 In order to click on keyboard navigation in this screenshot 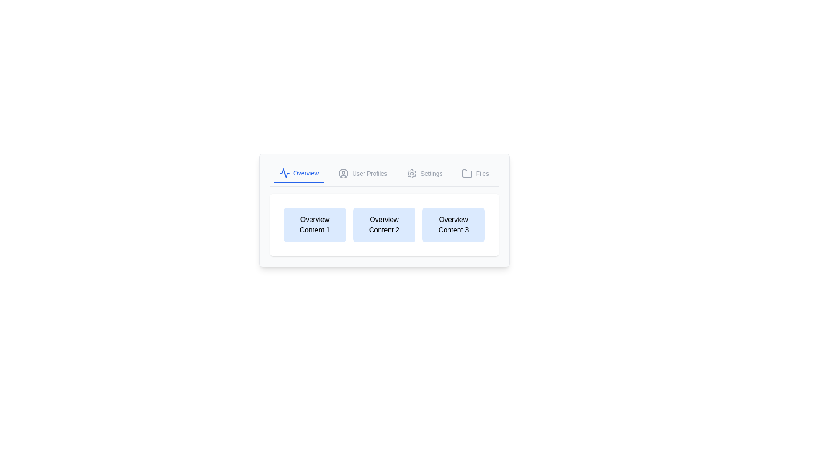, I will do `click(370, 173)`.